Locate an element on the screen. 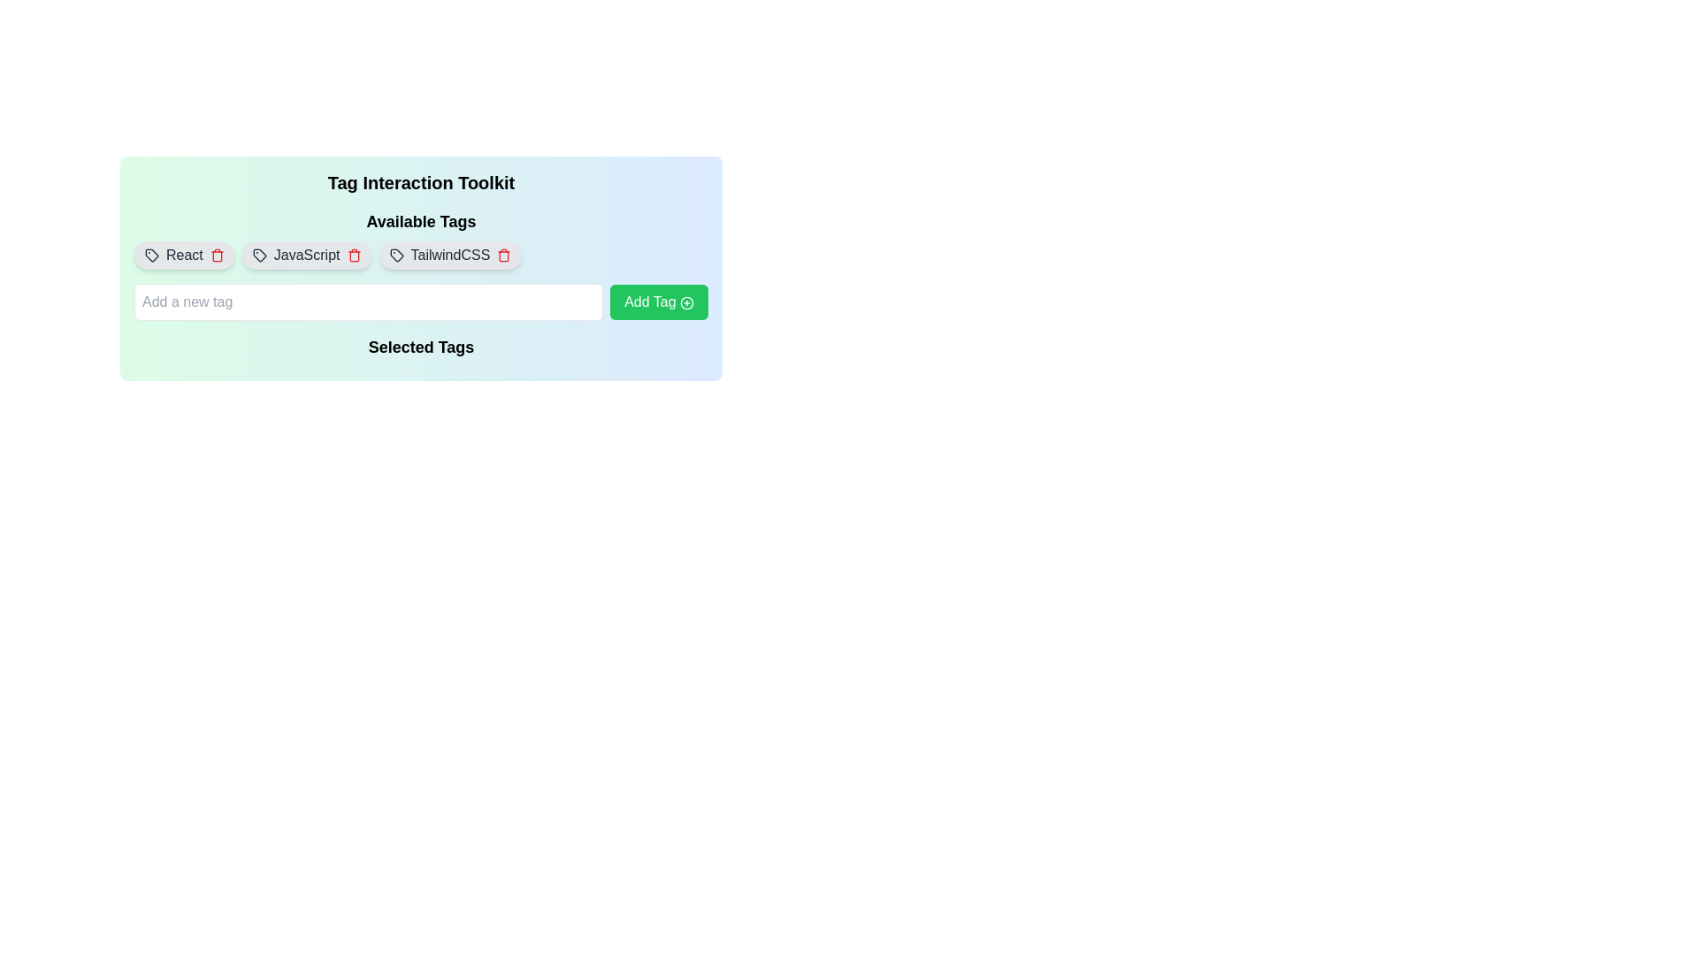 The height and width of the screenshot is (955, 1698). the trash can icon button, which signifies a delete action, located within the 'TailwindCSS' tag element is located at coordinates (503, 256).